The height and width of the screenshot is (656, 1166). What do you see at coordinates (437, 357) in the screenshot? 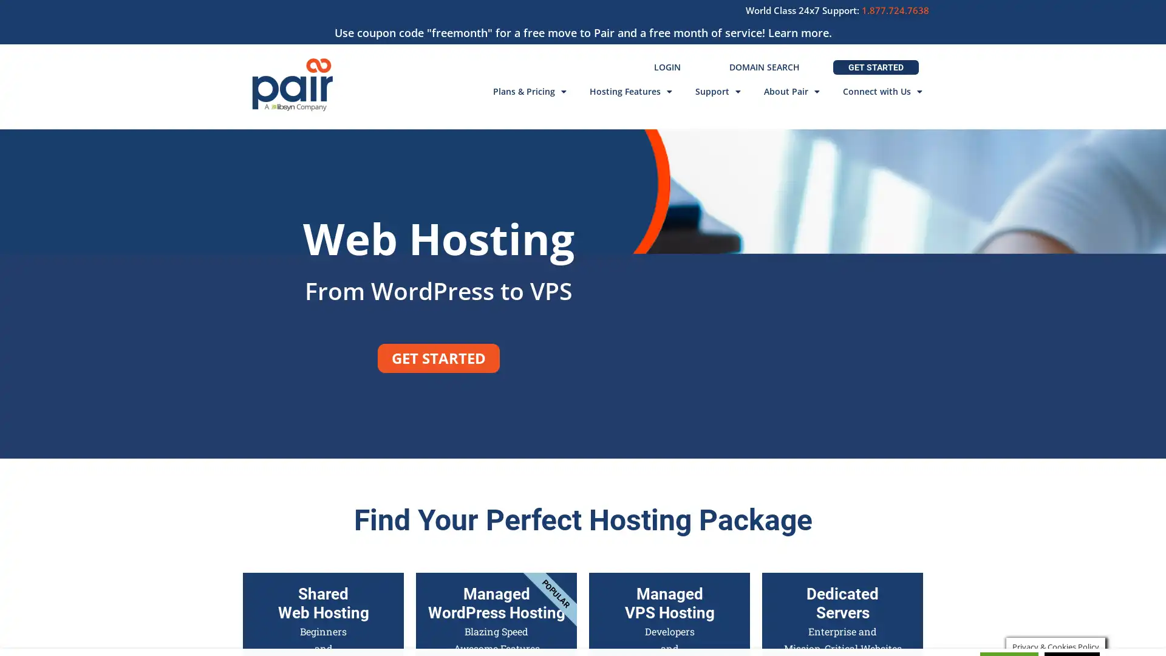
I see `GET STARTED` at bounding box center [437, 357].